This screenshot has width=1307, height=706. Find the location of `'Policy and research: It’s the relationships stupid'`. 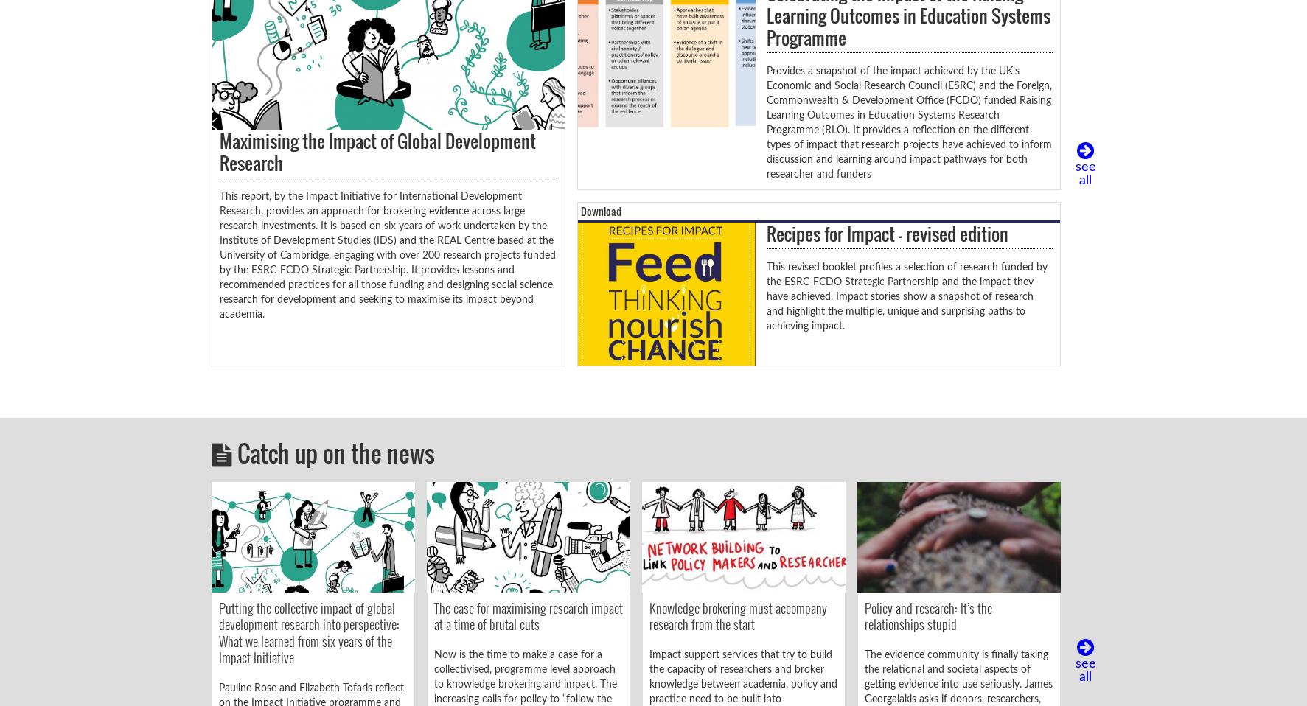

'Policy and research: It’s the relationships stupid' is located at coordinates (863, 615).